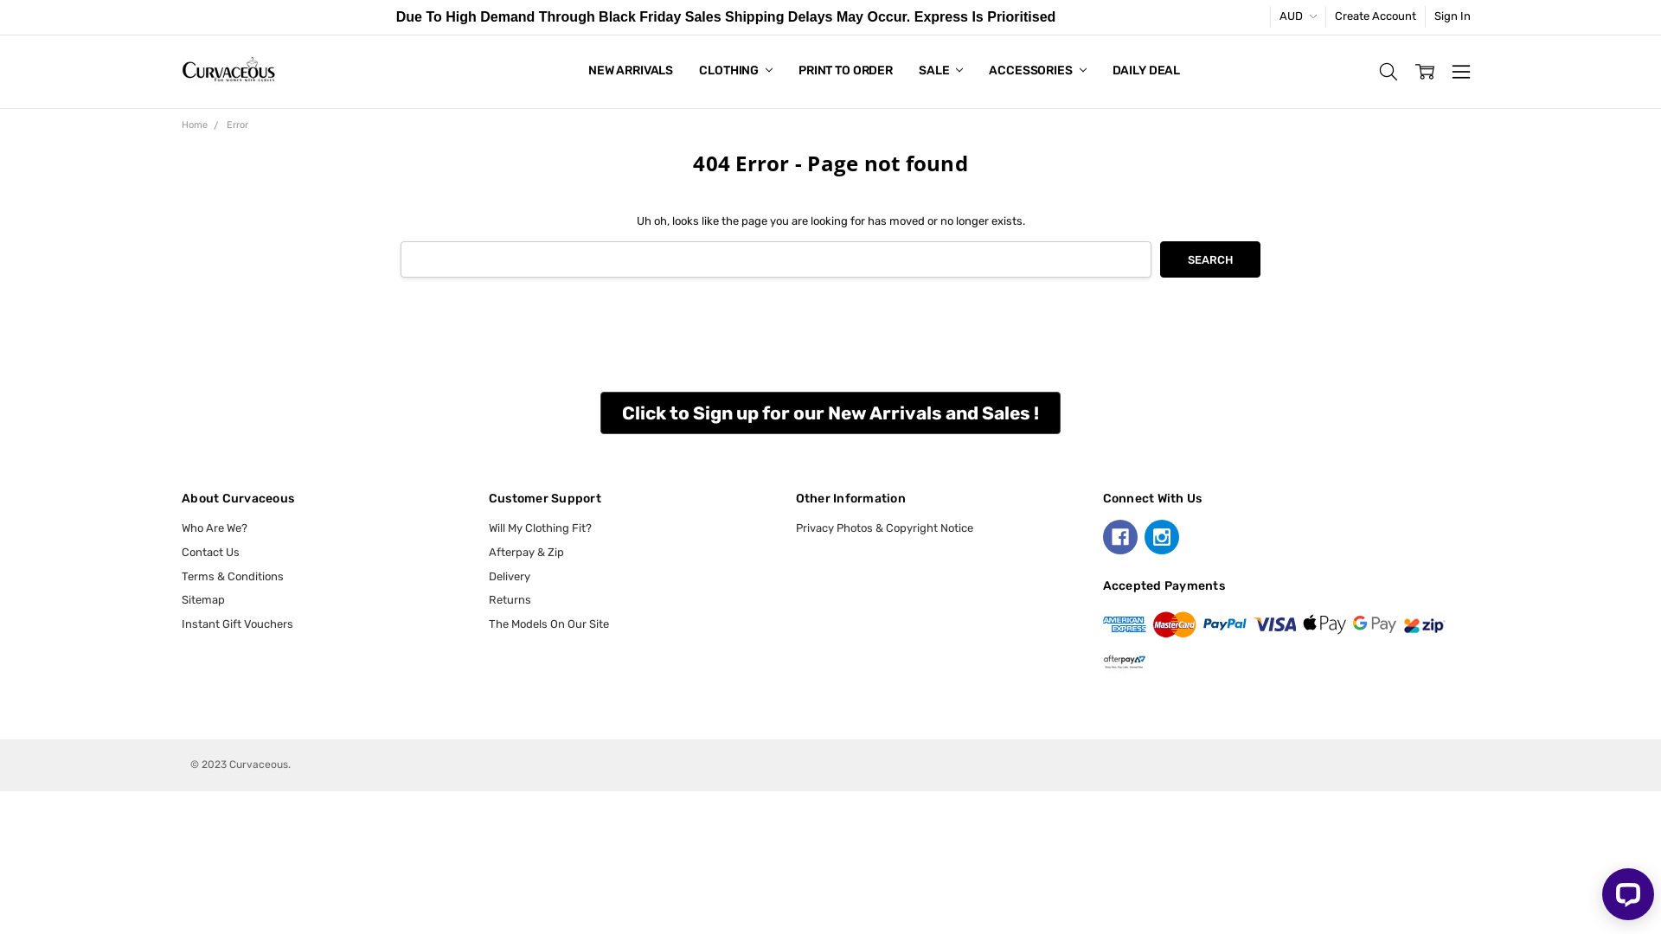  Describe the element at coordinates (630, 71) in the screenshot. I see `'NEW ARRIVALS'` at that location.